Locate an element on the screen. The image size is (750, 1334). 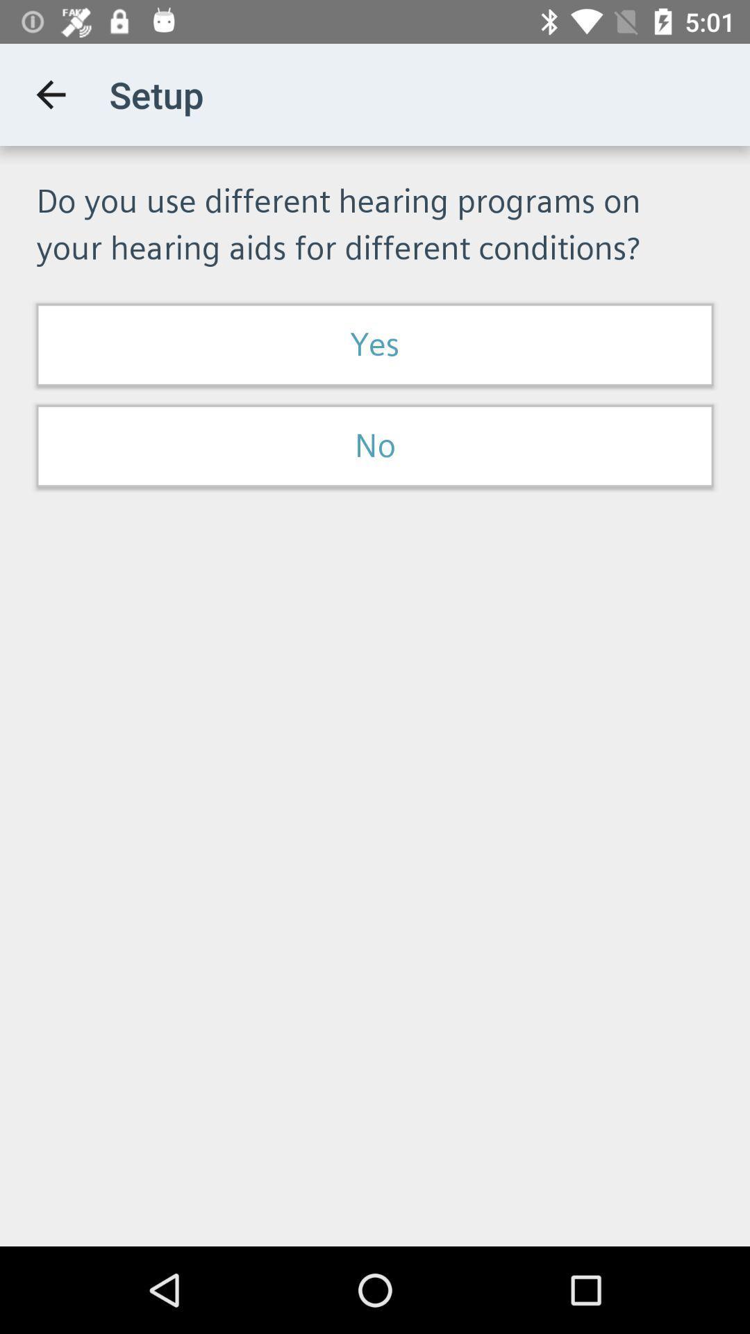
the icon above do you use is located at coordinates (50, 94).